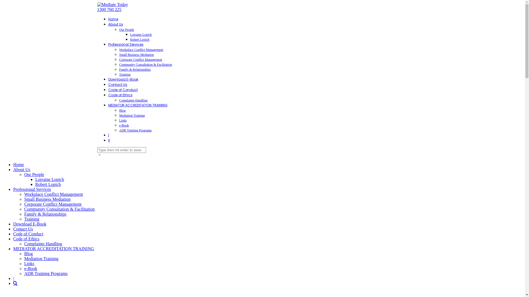 The image size is (529, 297). Describe the element at coordinates (53, 194) in the screenshot. I see `'Workplace Conflict Management'` at that location.